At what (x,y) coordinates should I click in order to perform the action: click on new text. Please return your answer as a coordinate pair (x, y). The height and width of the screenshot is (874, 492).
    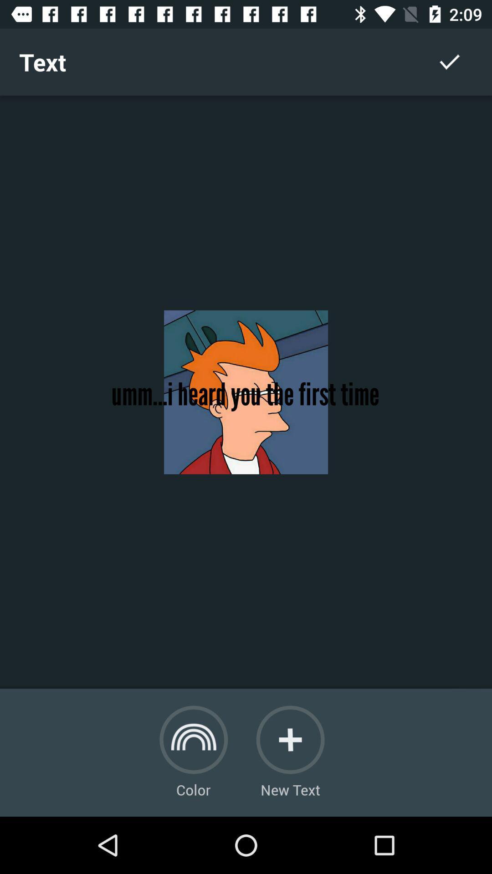
    Looking at the image, I should click on (290, 740).